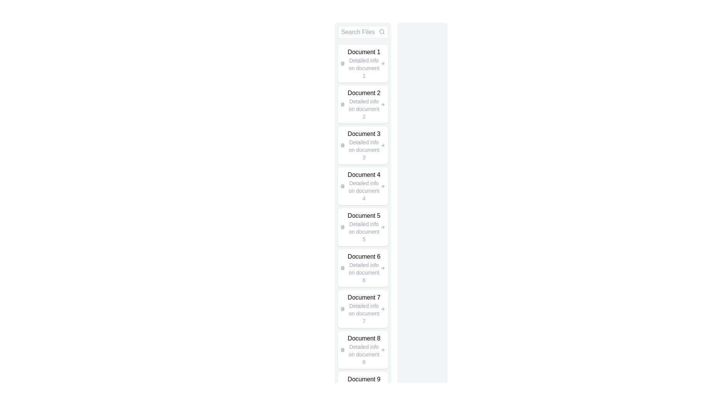 The image size is (727, 409). What do you see at coordinates (364, 93) in the screenshot?
I see `the text label that serves as the title for the second document entry in a list of documents` at bounding box center [364, 93].